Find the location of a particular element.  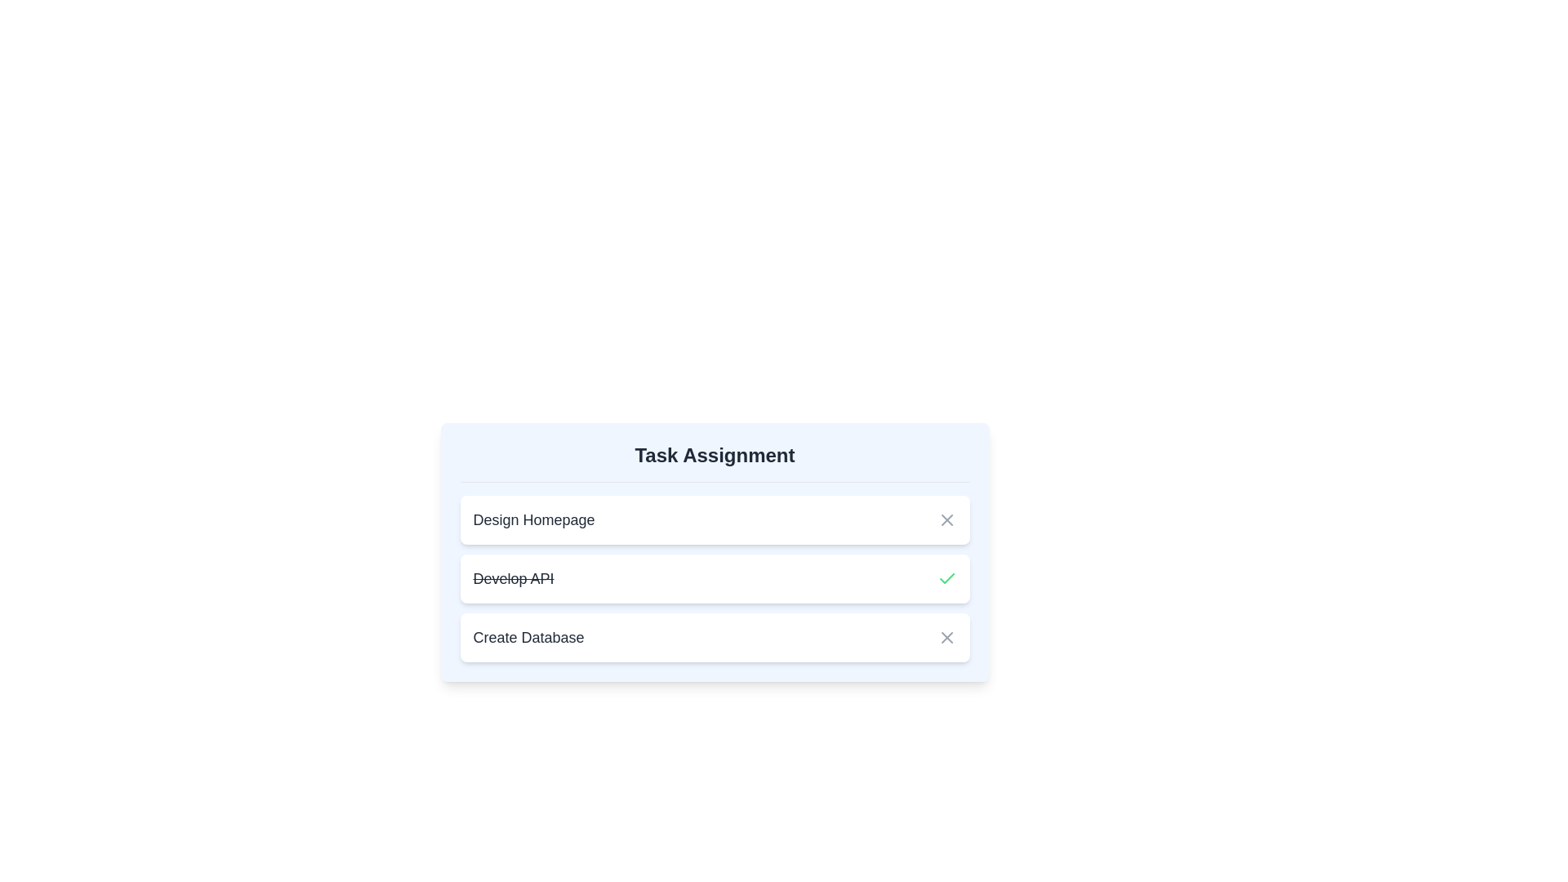

the close or delete button for the 'Design Homepage' item in the 'Task Assignment' list for keyboard interaction is located at coordinates (947, 519).